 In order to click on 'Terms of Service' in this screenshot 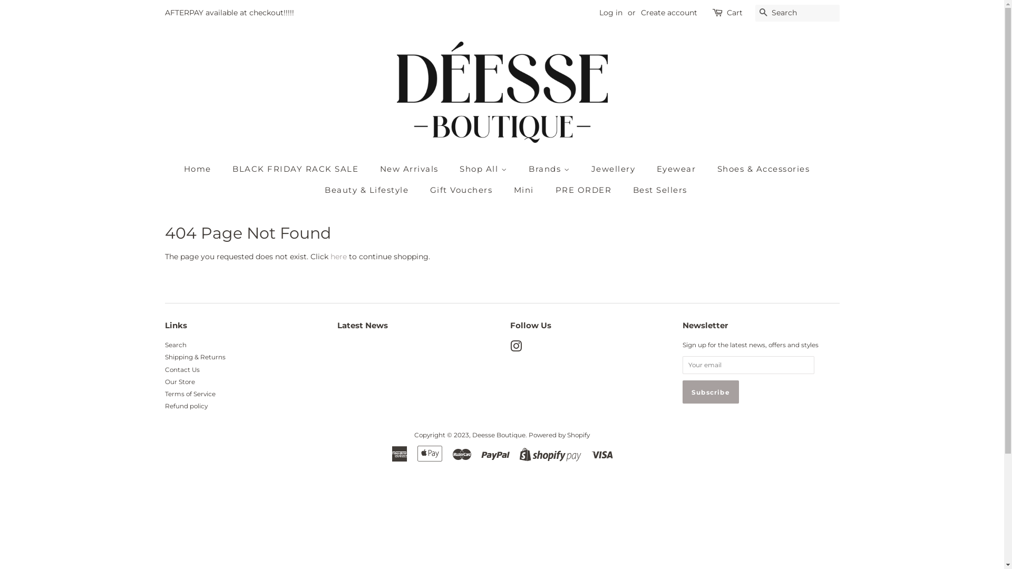, I will do `click(164, 394)`.